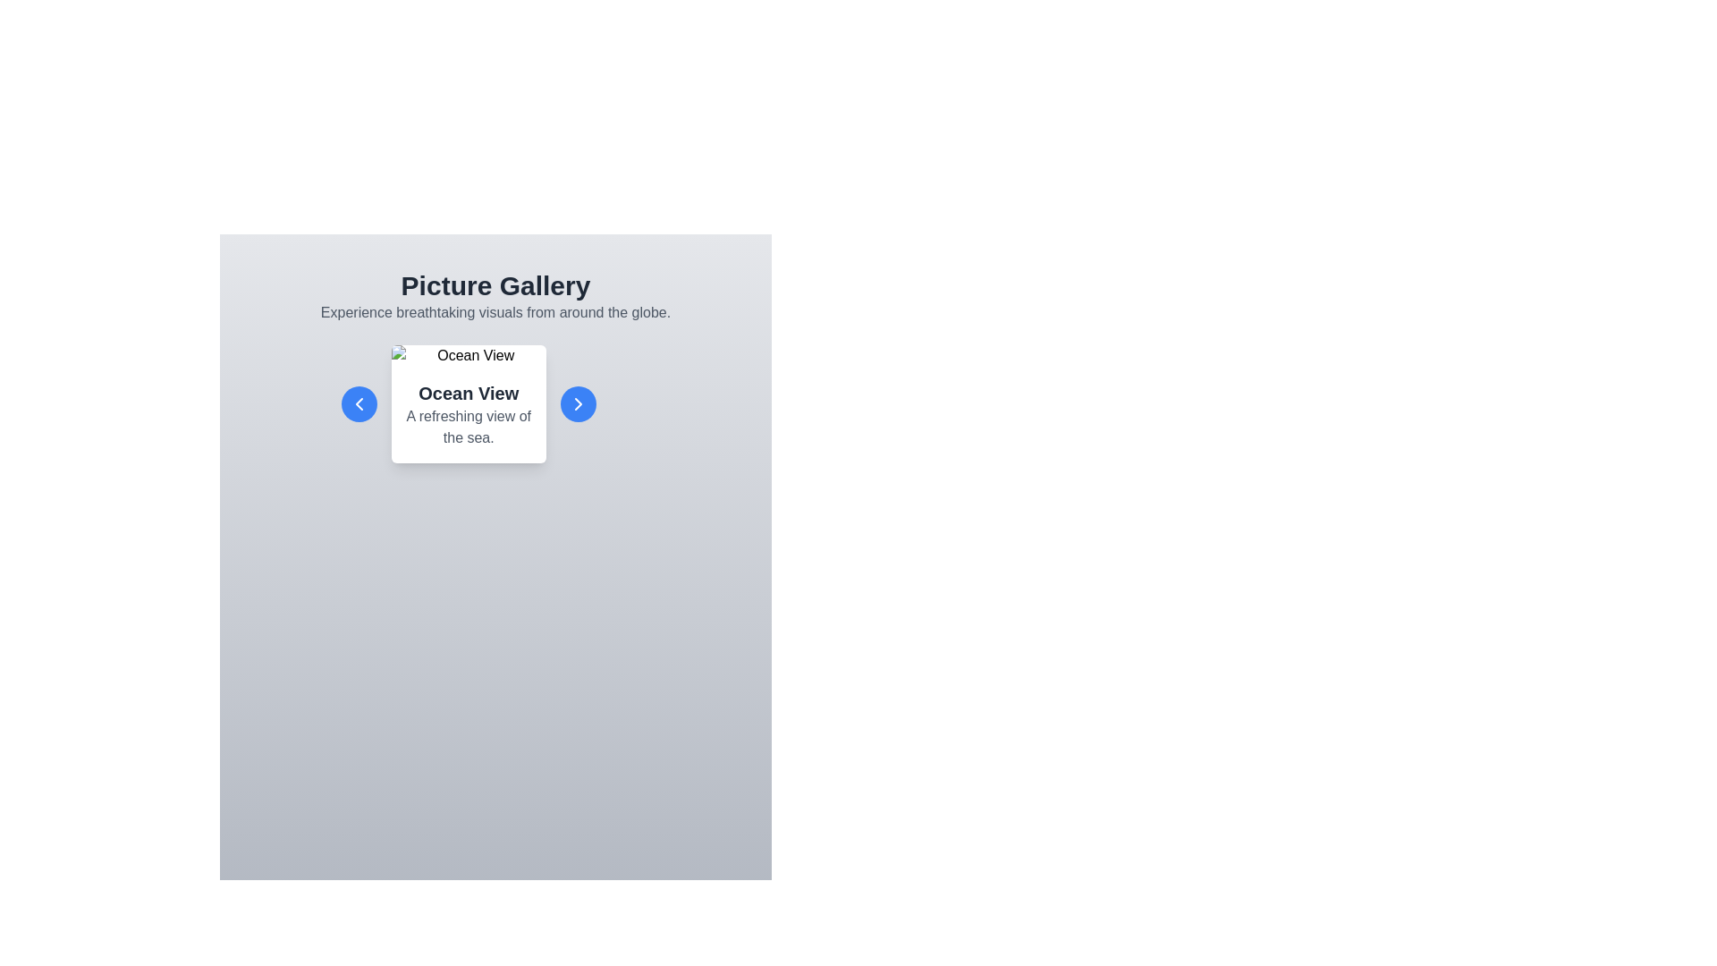 This screenshot has height=966, width=1717. I want to click on the text element displaying 'Experience breathtaking visuals from around the globe.' which is styled with a gray font color and located beneath the title 'Picture Gallery', so click(495, 312).